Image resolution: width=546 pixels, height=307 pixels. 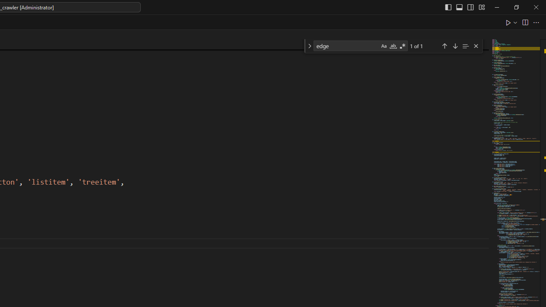 I want to click on 'Run Python File', so click(x=508, y=22).